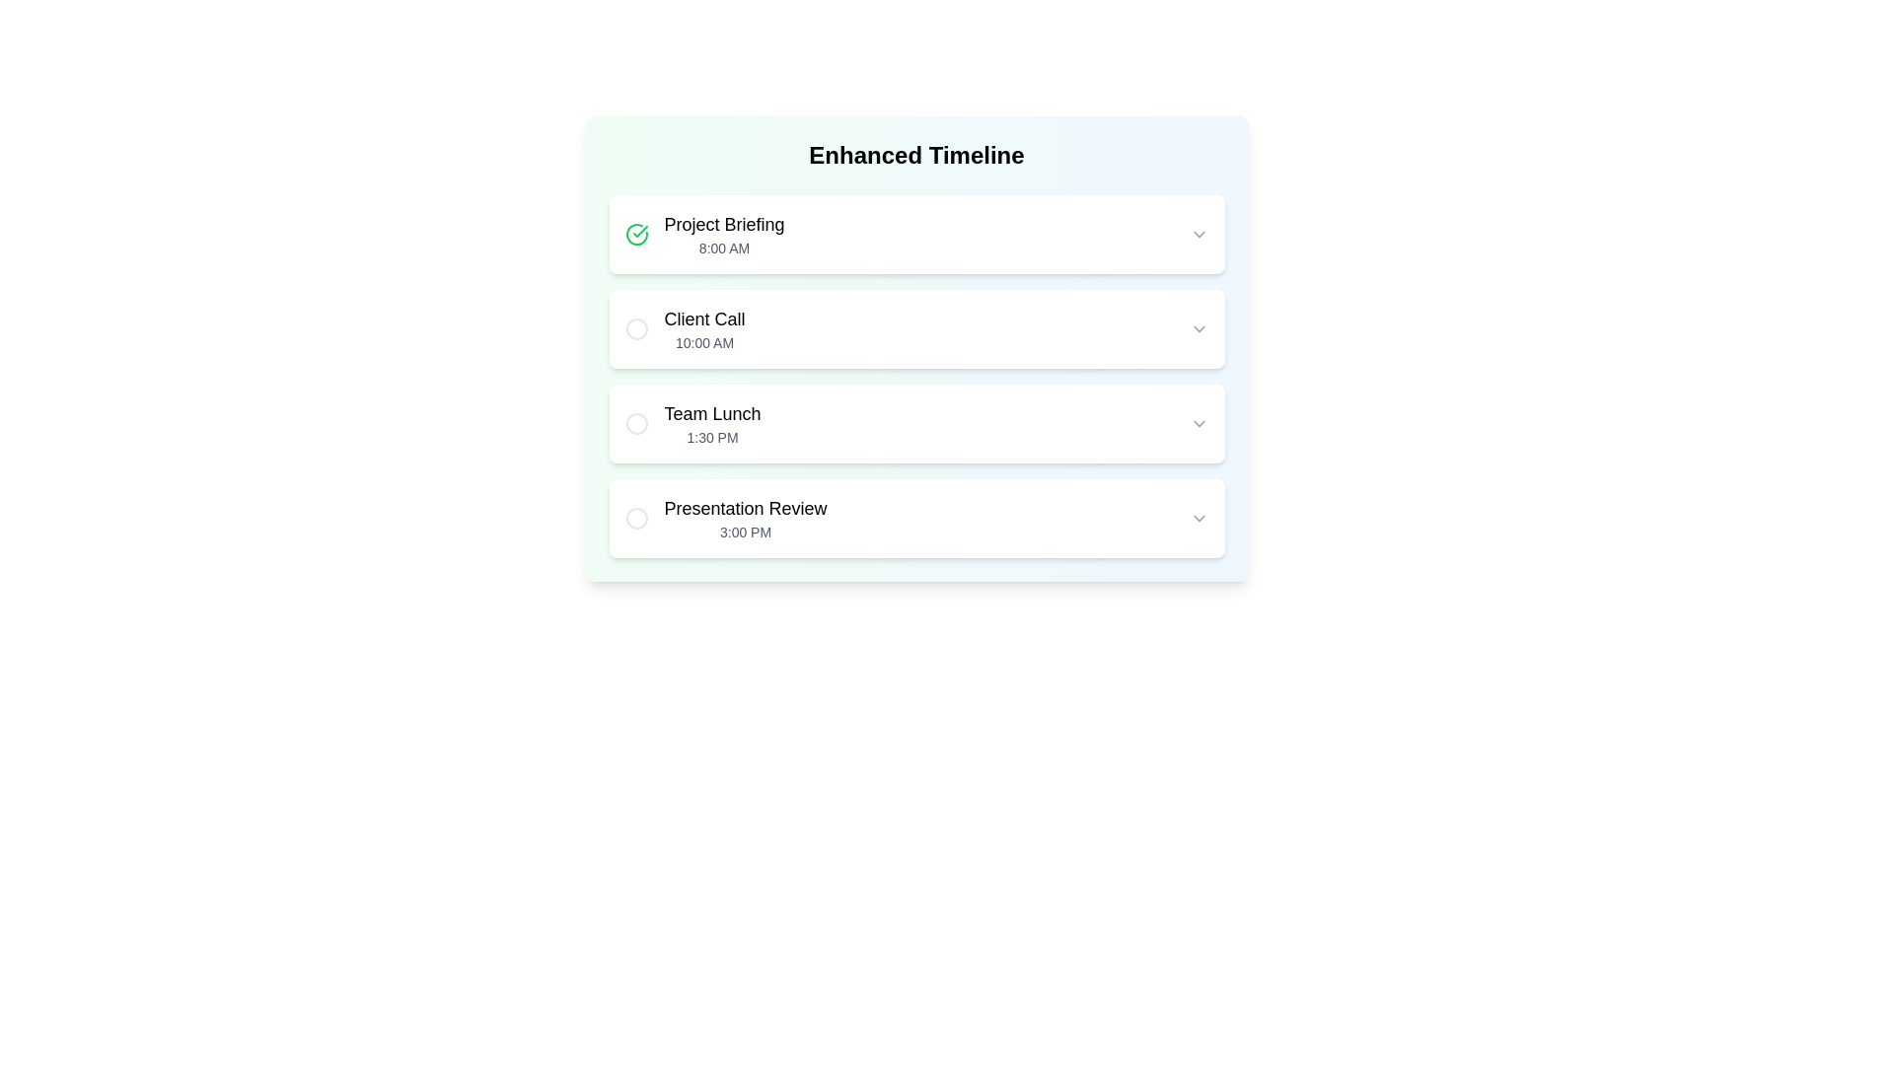 The height and width of the screenshot is (1065, 1894). What do you see at coordinates (723, 247) in the screenshot?
I see `the text label indicating the scheduled time for the 'Project Briefing' event, which is aligned to the left under the 'Project Briefing' text` at bounding box center [723, 247].